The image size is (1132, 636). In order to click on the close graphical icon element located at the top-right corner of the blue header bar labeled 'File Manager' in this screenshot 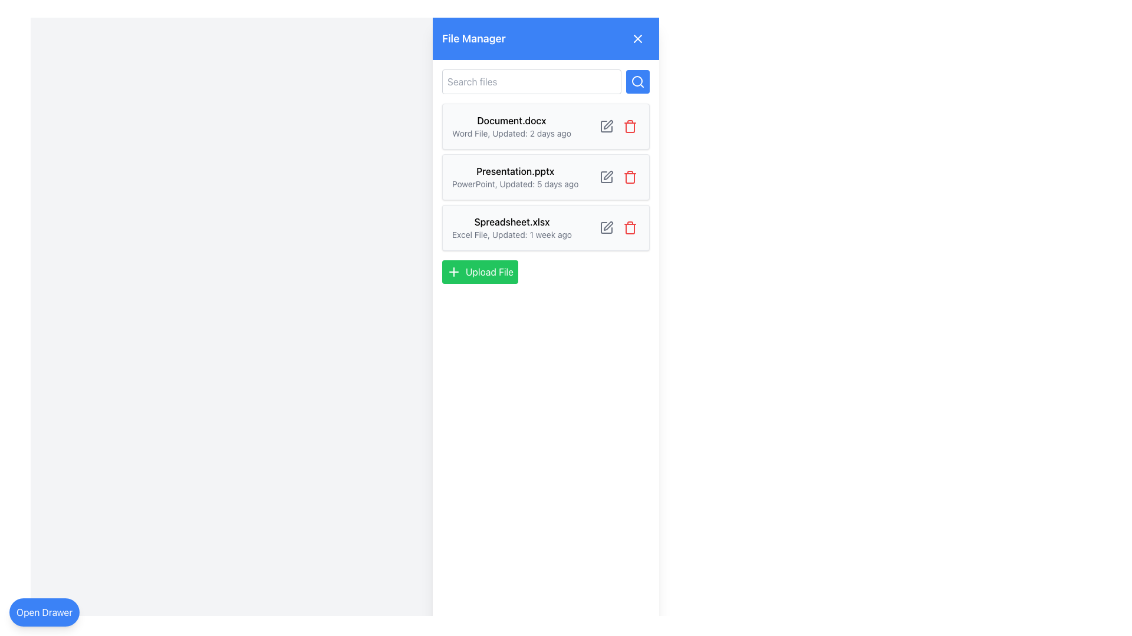, I will do `click(637, 38)`.